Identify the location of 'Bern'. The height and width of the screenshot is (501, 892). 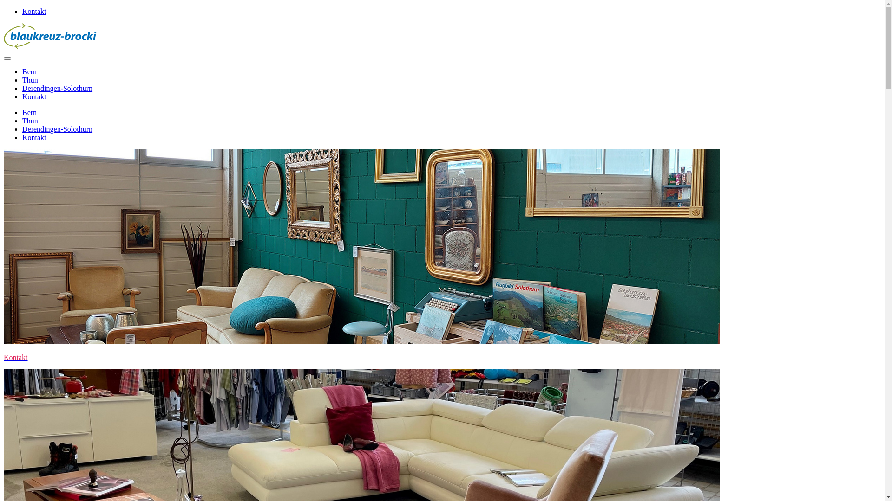
(29, 112).